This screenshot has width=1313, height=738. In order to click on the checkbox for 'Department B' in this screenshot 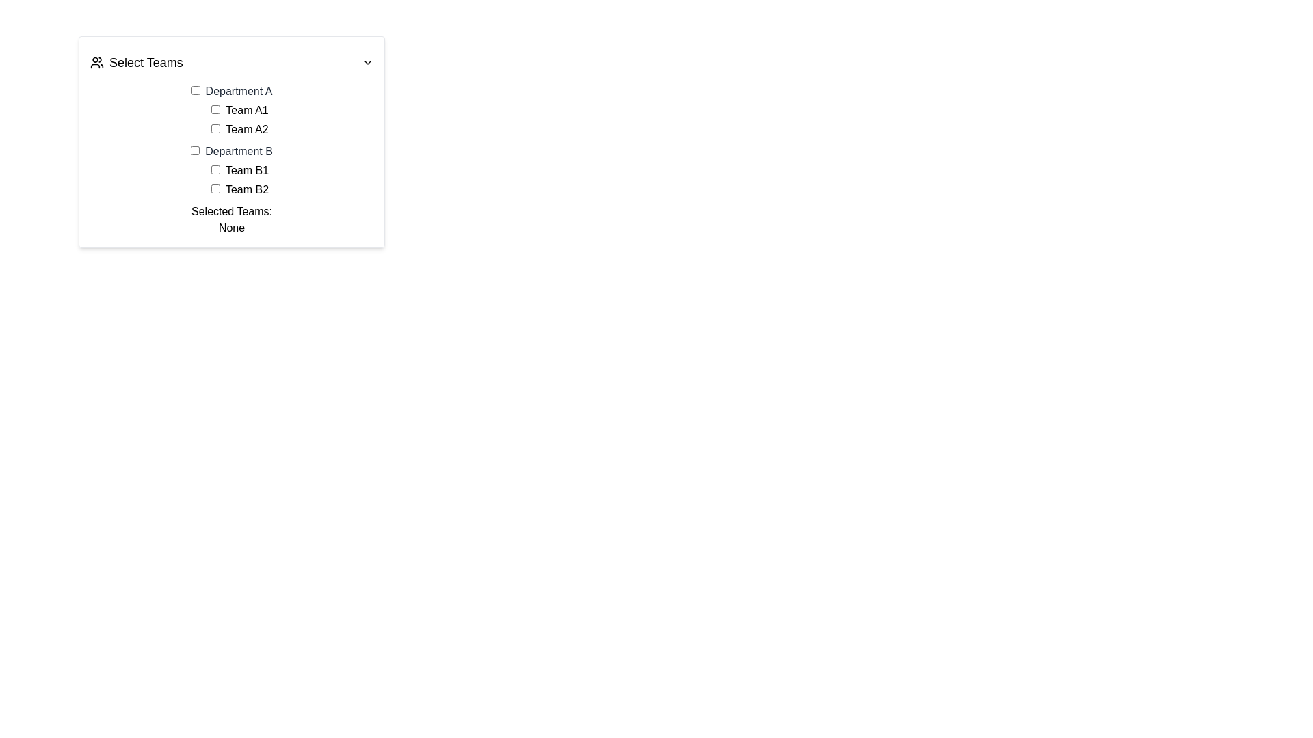, I will do `click(194, 150)`.